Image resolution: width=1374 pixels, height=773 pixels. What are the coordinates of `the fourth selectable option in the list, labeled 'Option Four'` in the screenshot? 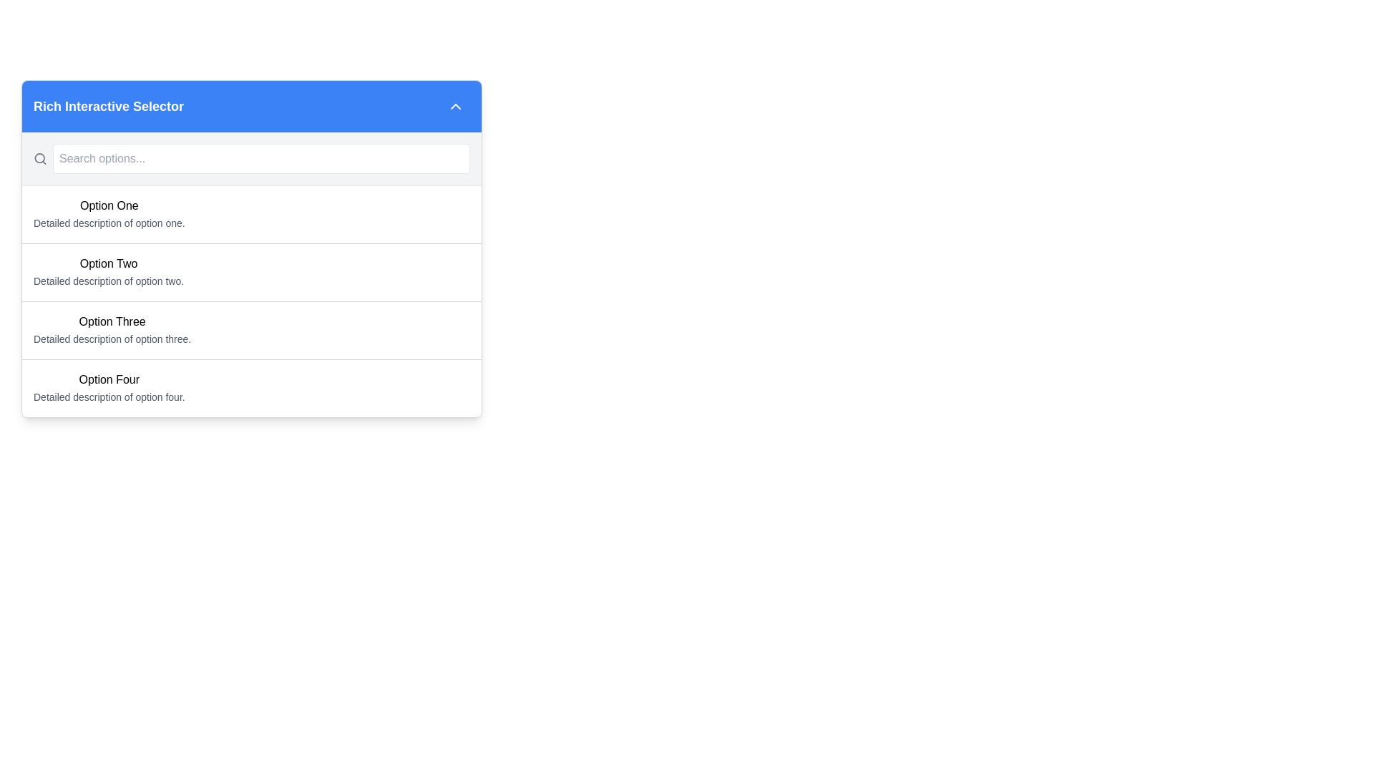 It's located at (108, 389).